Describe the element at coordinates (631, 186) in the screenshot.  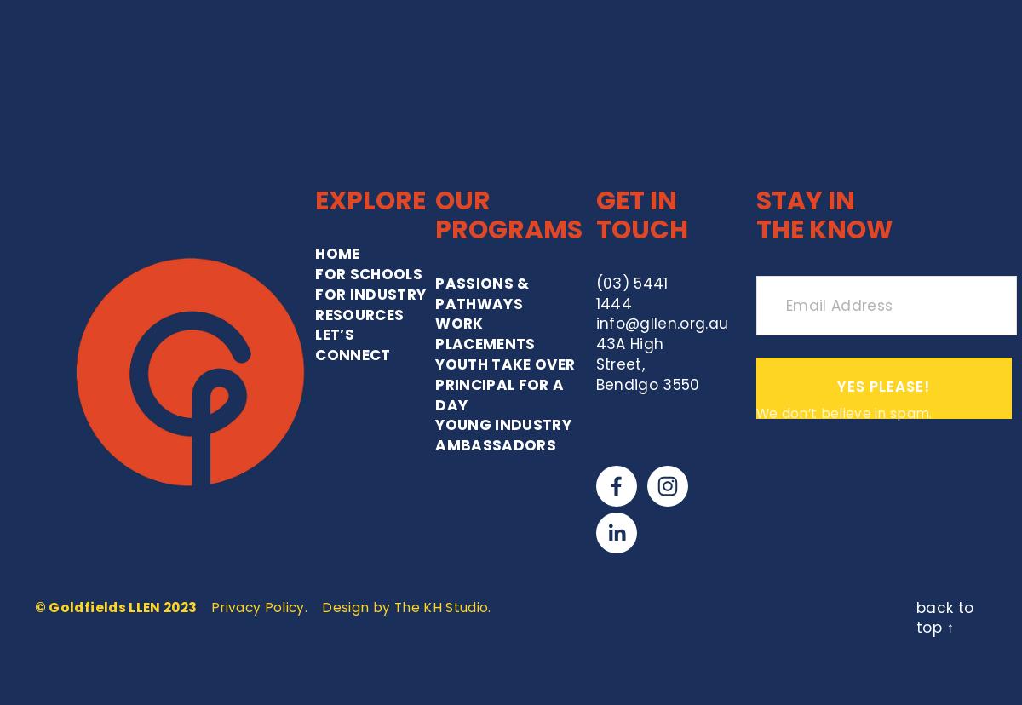
I see `'43A High Street,'` at that location.